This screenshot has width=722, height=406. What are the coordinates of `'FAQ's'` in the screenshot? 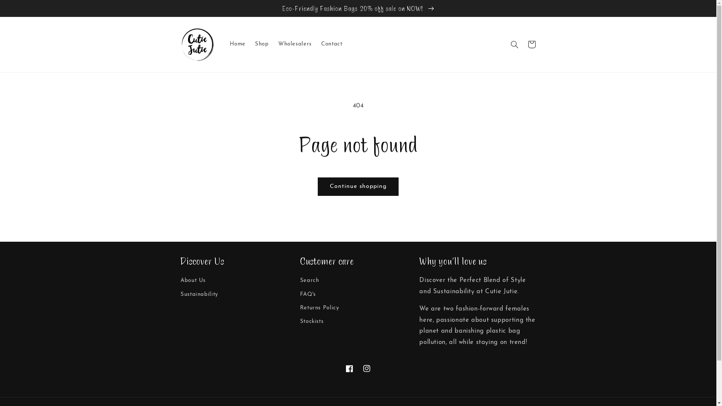 It's located at (299, 294).